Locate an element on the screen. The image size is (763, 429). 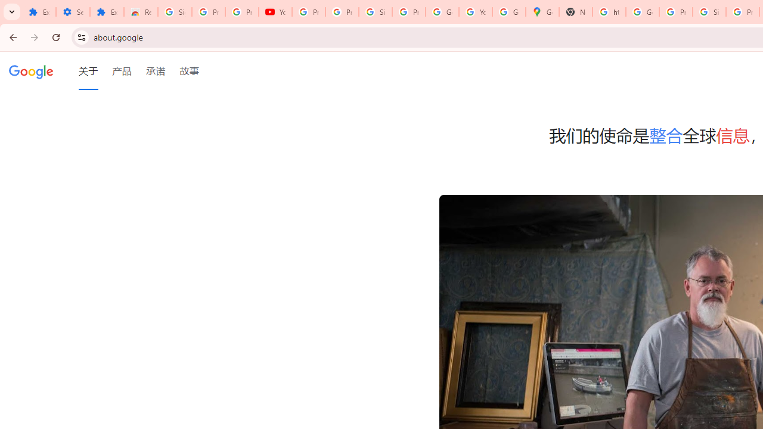
'Google Maps' is located at coordinates (542, 12).